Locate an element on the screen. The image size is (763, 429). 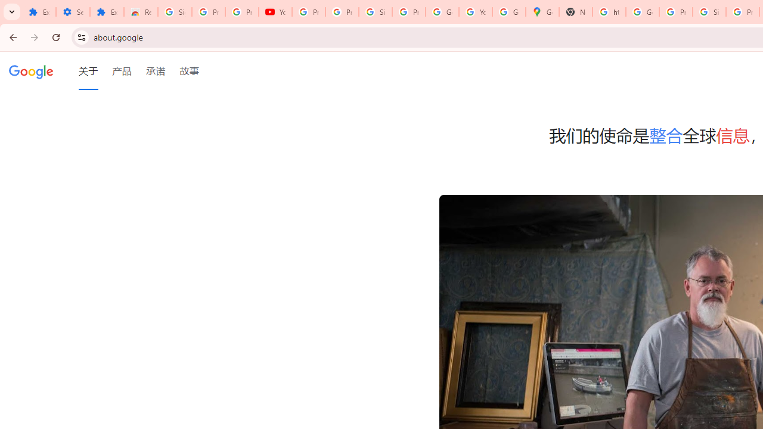
'Google Maps' is located at coordinates (542, 12).